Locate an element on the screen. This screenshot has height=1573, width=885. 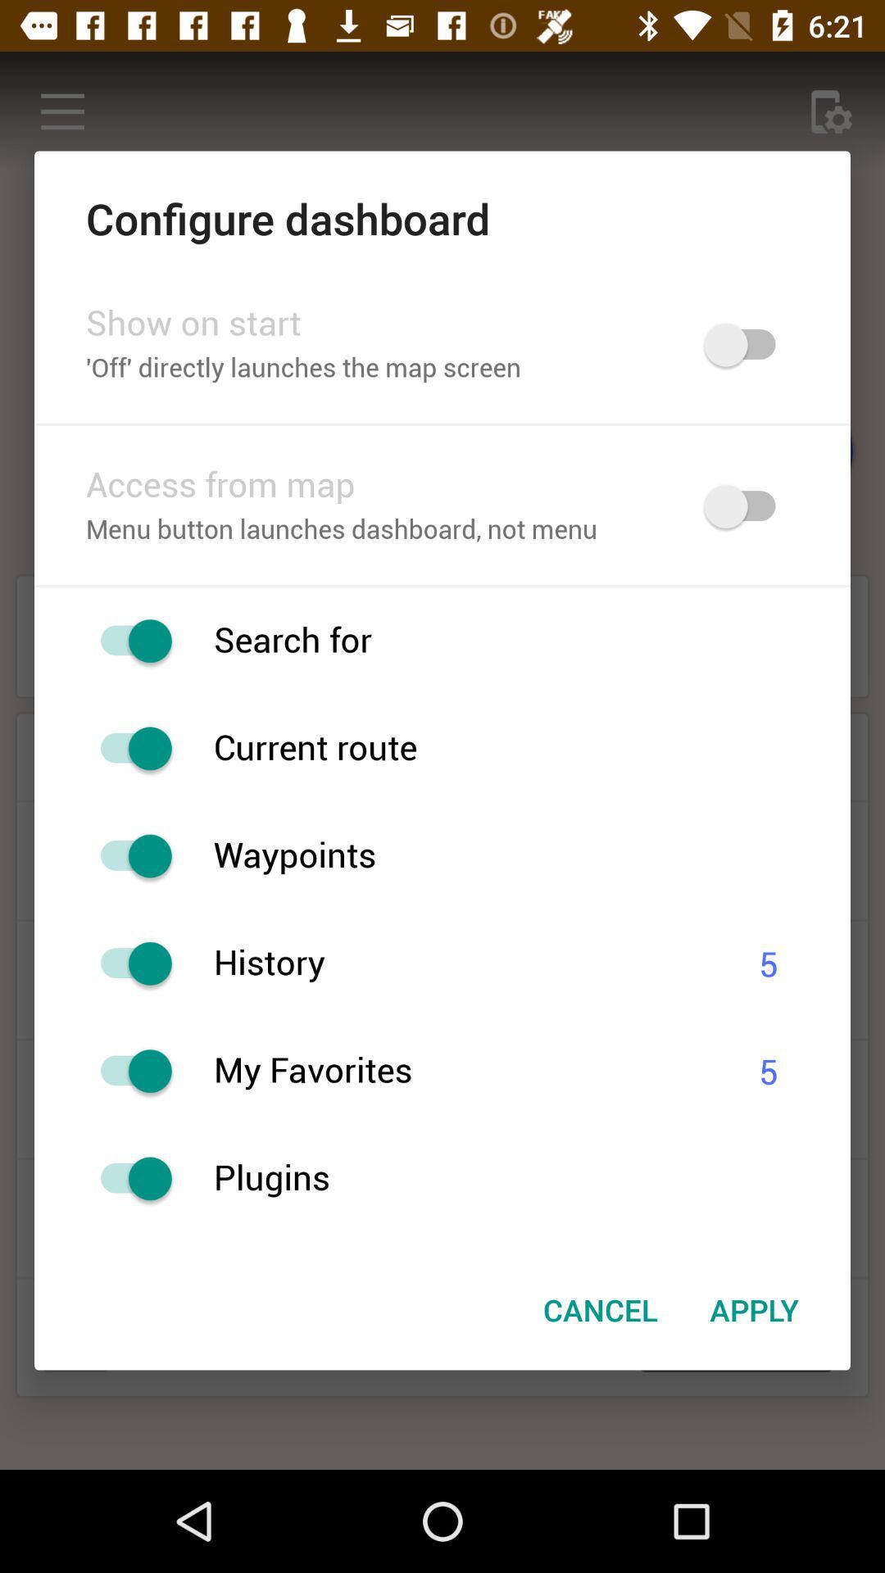
the icon above search for item is located at coordinates (442, 586).